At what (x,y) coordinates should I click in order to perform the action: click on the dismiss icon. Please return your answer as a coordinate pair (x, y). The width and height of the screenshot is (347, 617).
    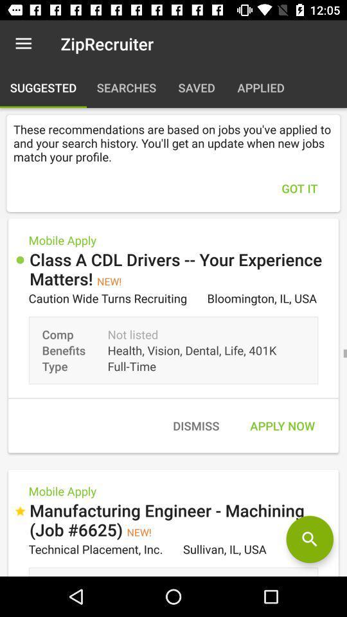
    Looking at the image, I should click on (196, 425).